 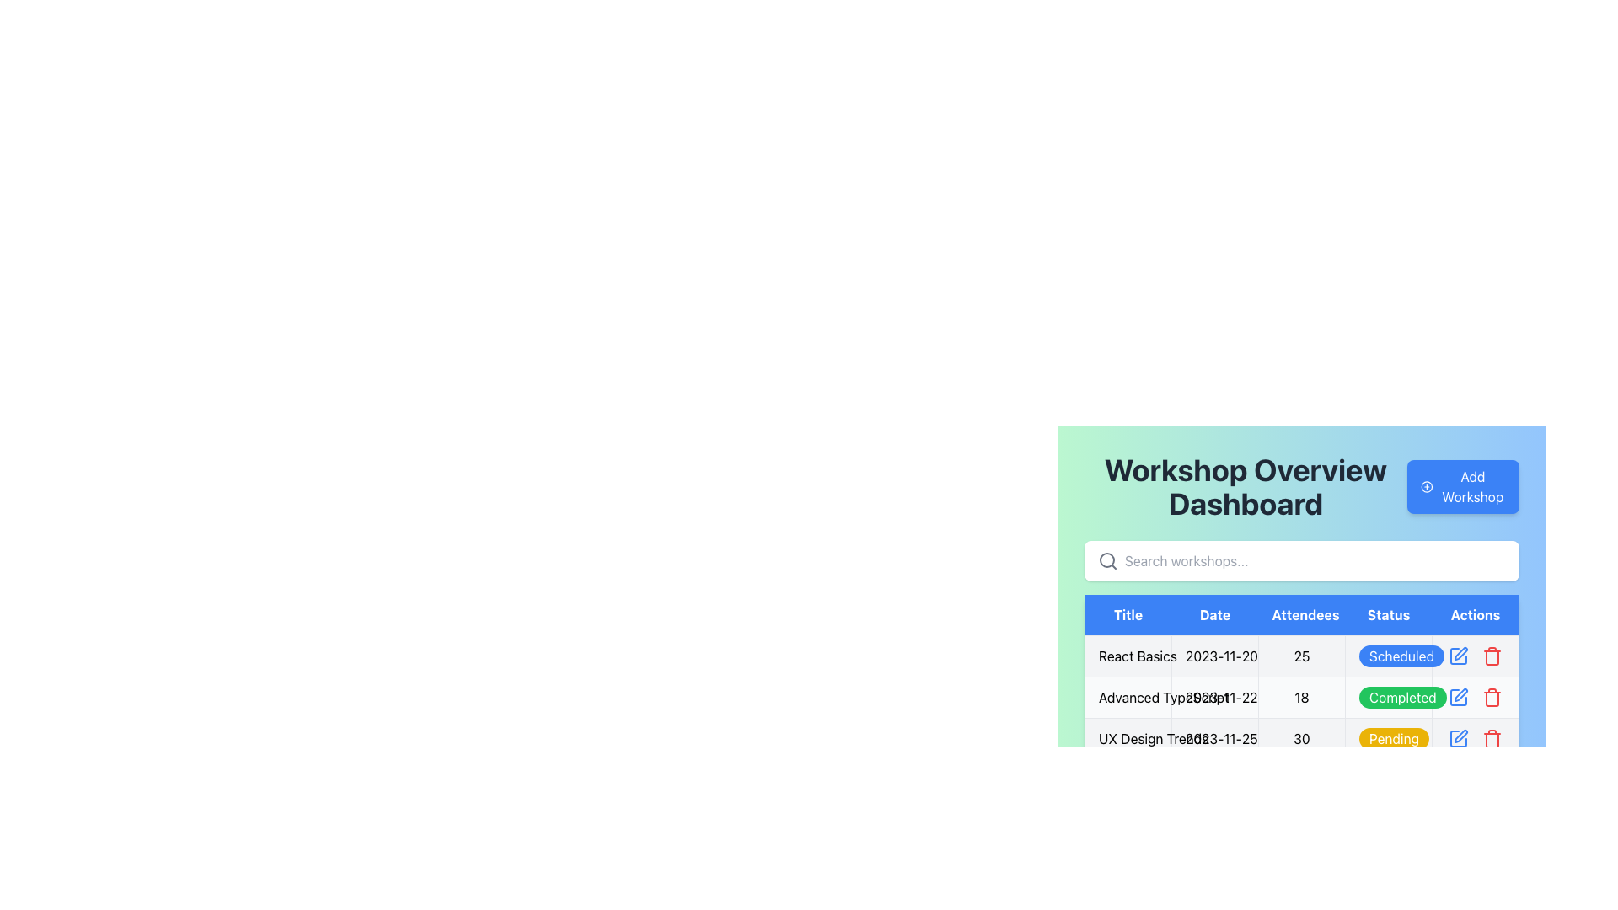 I want to click on the date text for the 'React Basics' workshop located in the second cell of the 'Date' column in the table, so click(x=1214, y=656).